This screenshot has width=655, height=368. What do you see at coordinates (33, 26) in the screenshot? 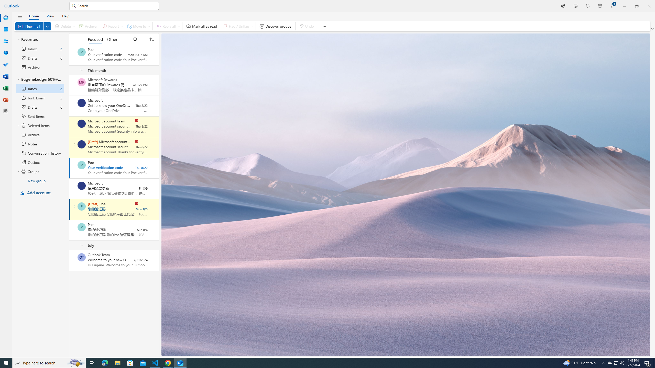
I see `'New mail'` at bounding box center [33, 26].